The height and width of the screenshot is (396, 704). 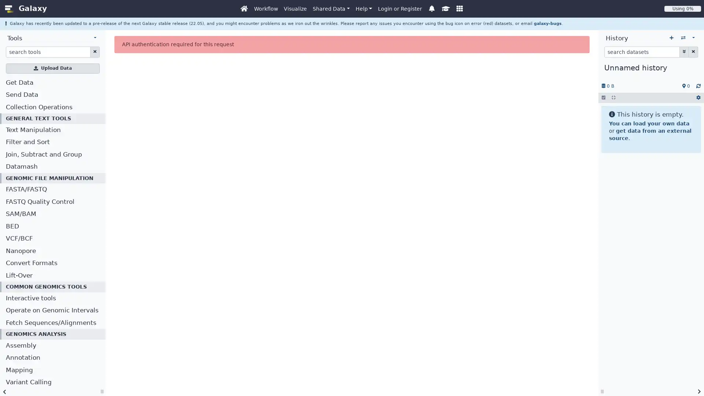 What do you see at coordinates (686, 86) in the screenshot?
I see `0` at bounding box center [686, 86].